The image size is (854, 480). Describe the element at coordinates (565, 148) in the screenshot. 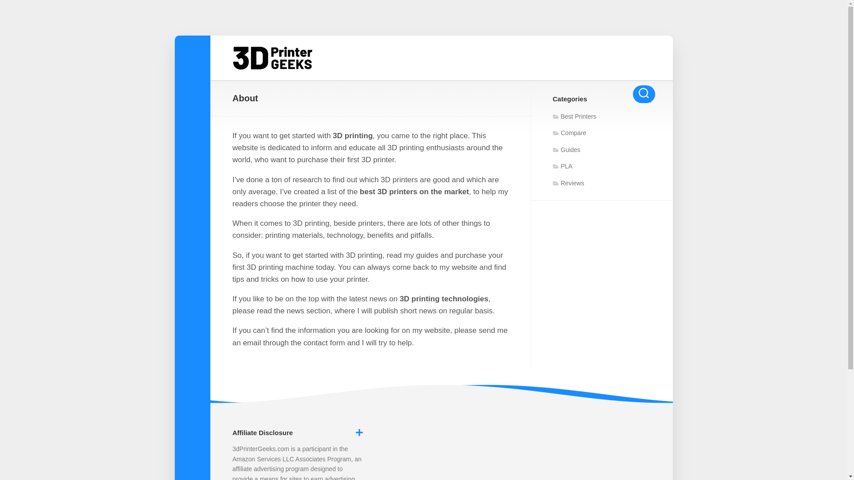

I see `'Guides'` at that location.